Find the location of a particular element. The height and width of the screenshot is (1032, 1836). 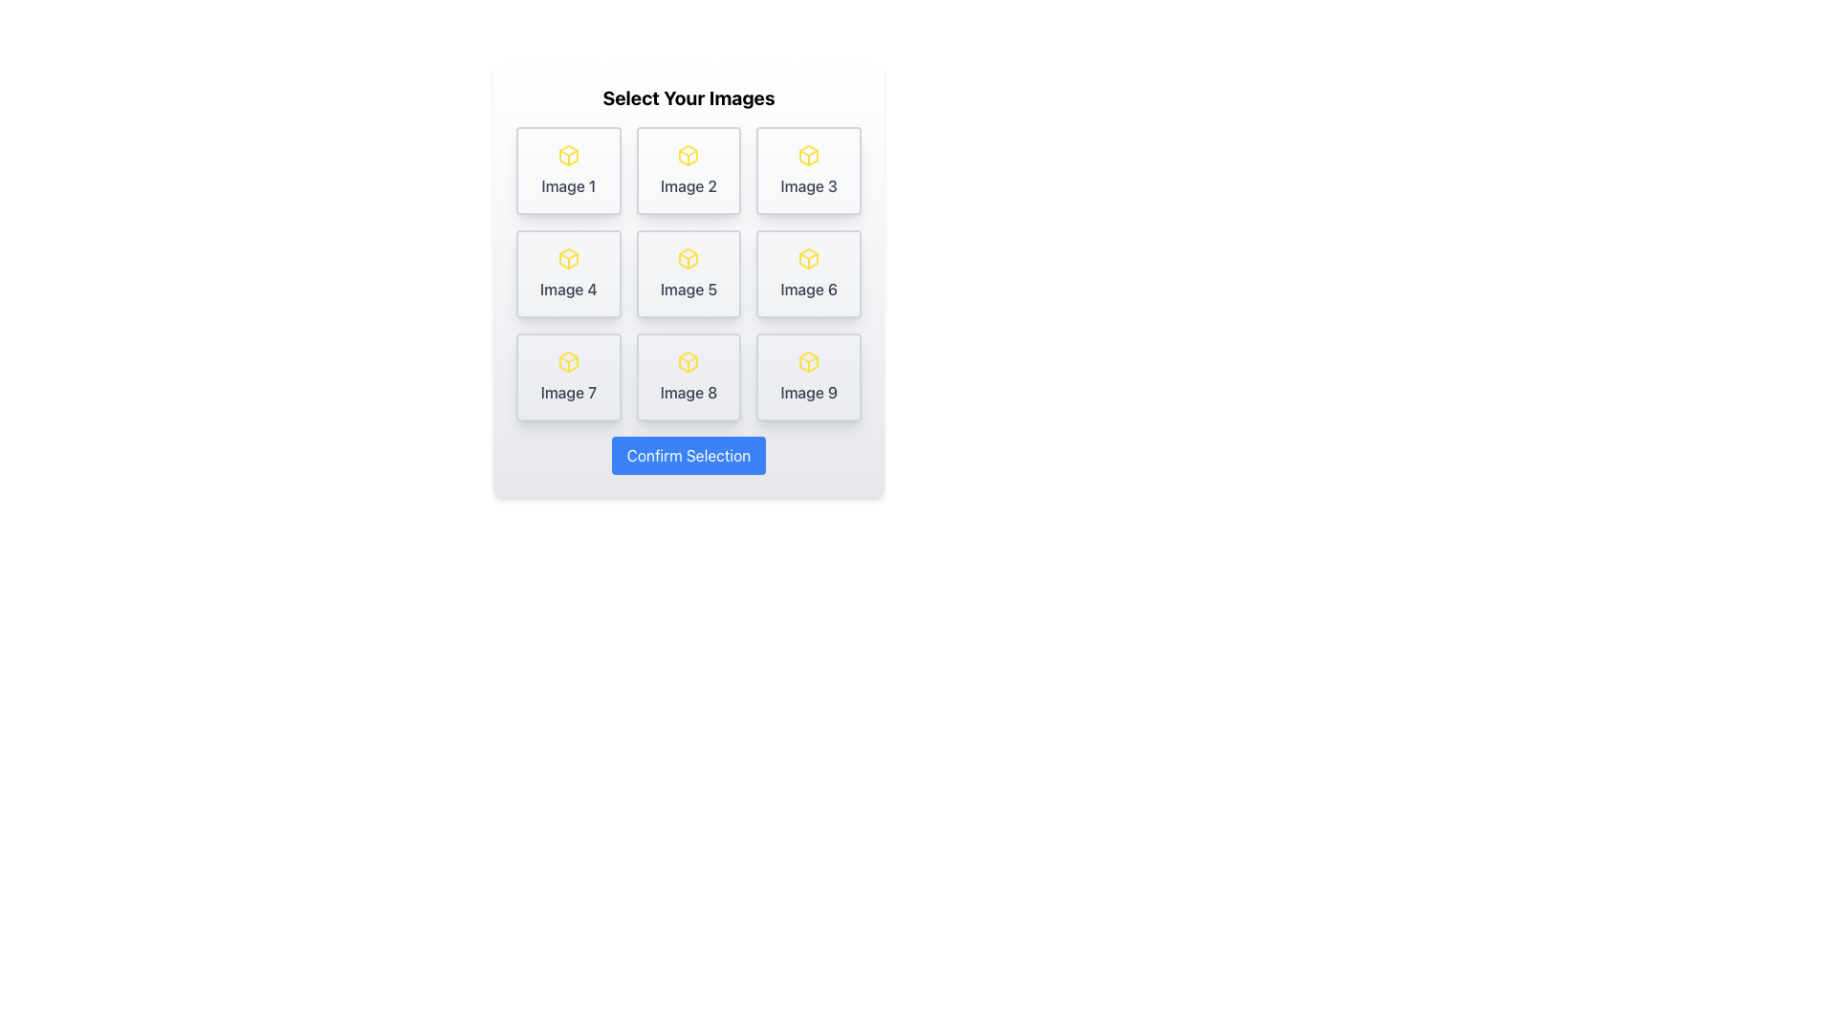

text label 'Image 2' located in the second cell of the first row of a 3x3 grid layout, positioned below a yellow box icon is located at coordinates (688, 186).